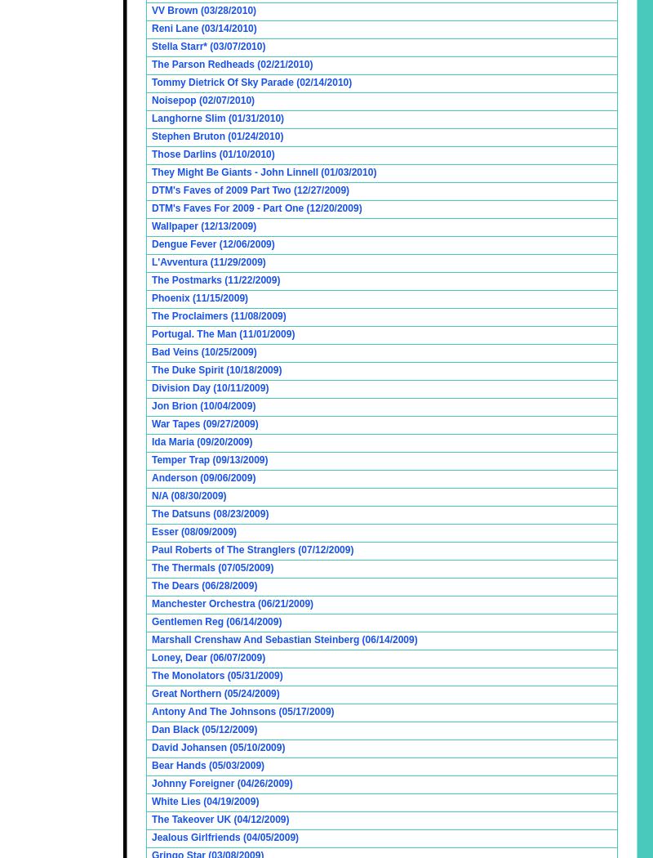 The width and height of the screenshot is (653, 858). Describe the element at coordinates (207, 657) in the screenshot. I see `'Loney, Dear (06/07/2009)'` at that location.